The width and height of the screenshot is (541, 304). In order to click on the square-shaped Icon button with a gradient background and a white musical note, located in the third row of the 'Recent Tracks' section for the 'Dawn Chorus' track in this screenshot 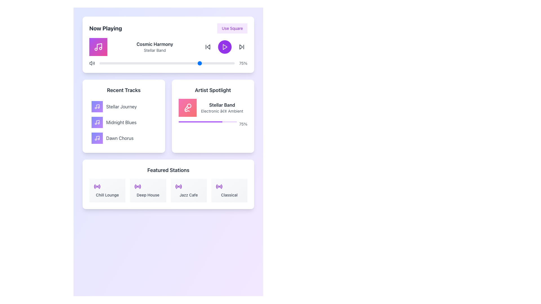, I will do `click(97, 138)`.